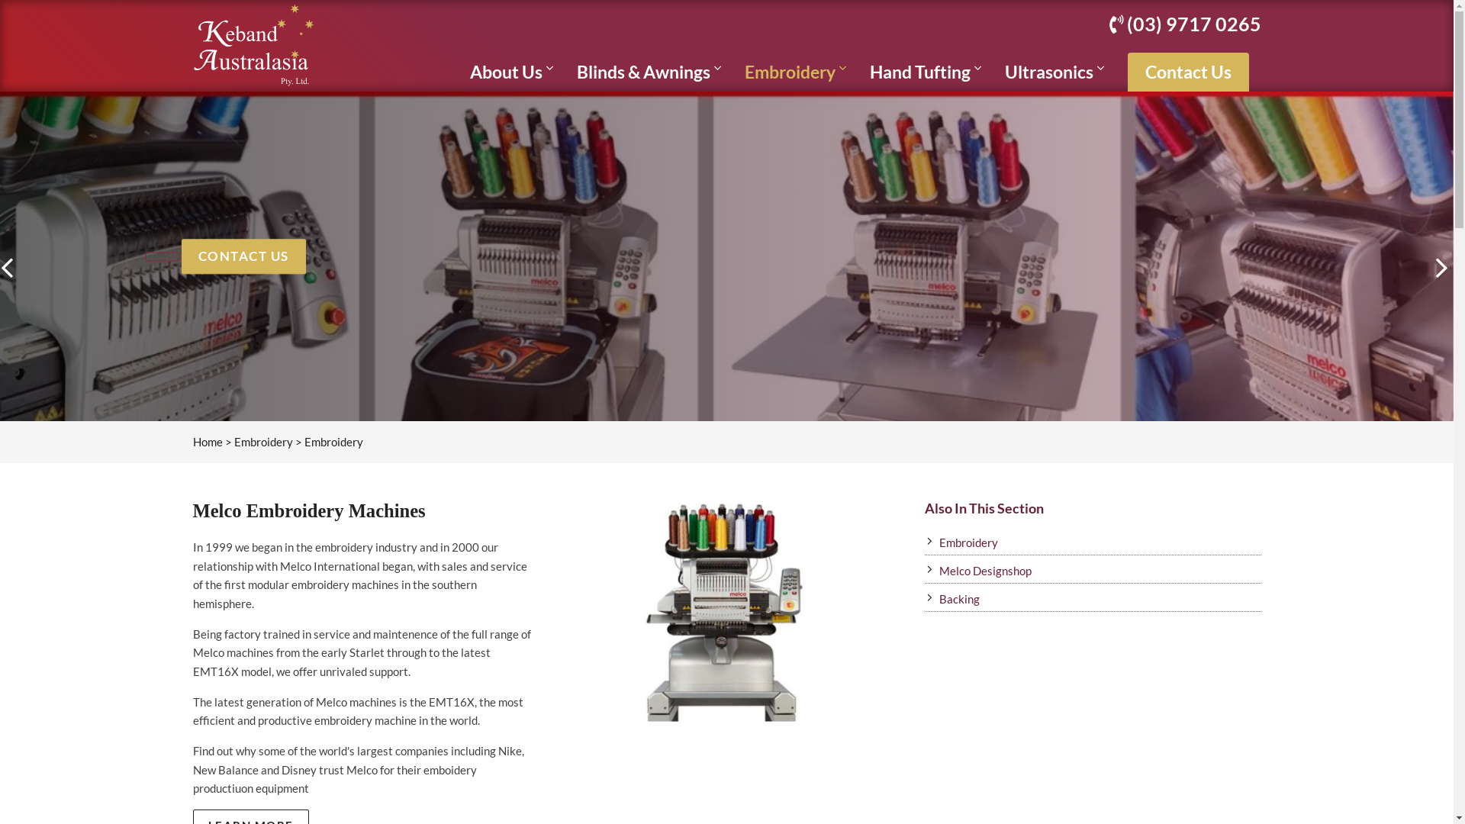  What do you see at coordinates (253, 43) in the screenshot?
I see `'Keband Australasia'` at bounding box center [253, 43].